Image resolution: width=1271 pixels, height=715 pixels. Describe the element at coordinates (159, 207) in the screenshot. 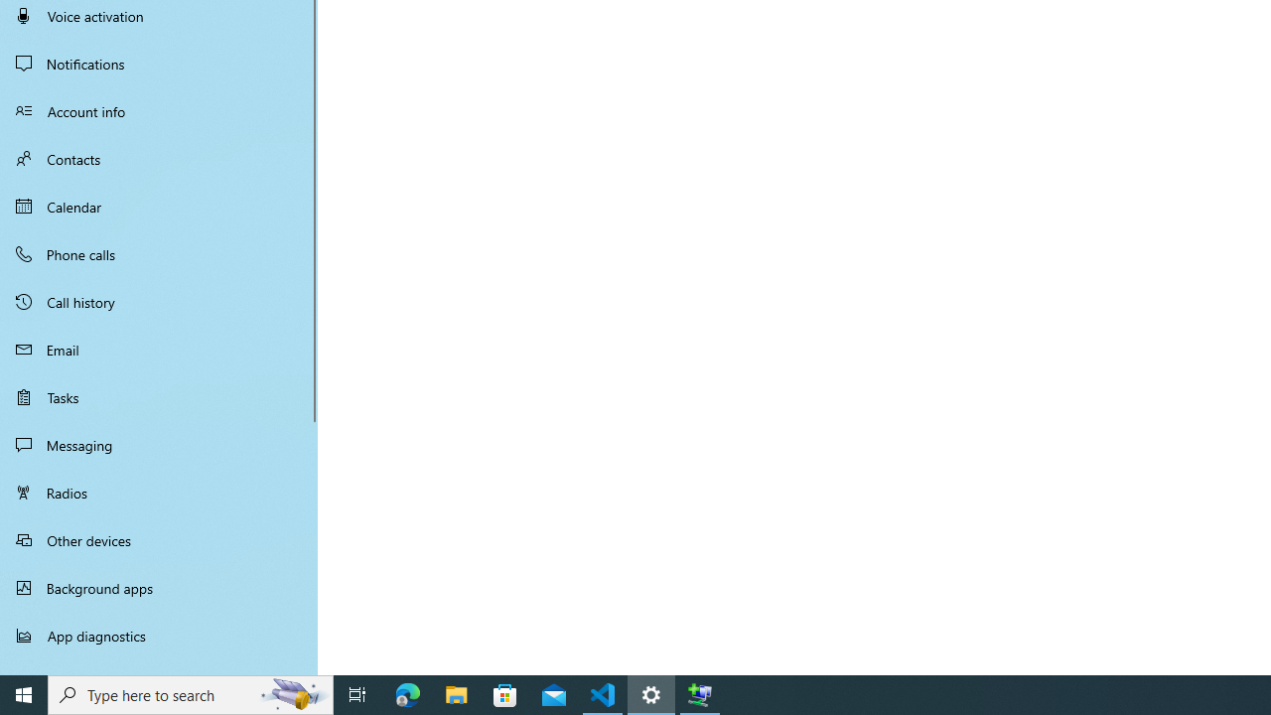

I see `'Calendar'` at that location.